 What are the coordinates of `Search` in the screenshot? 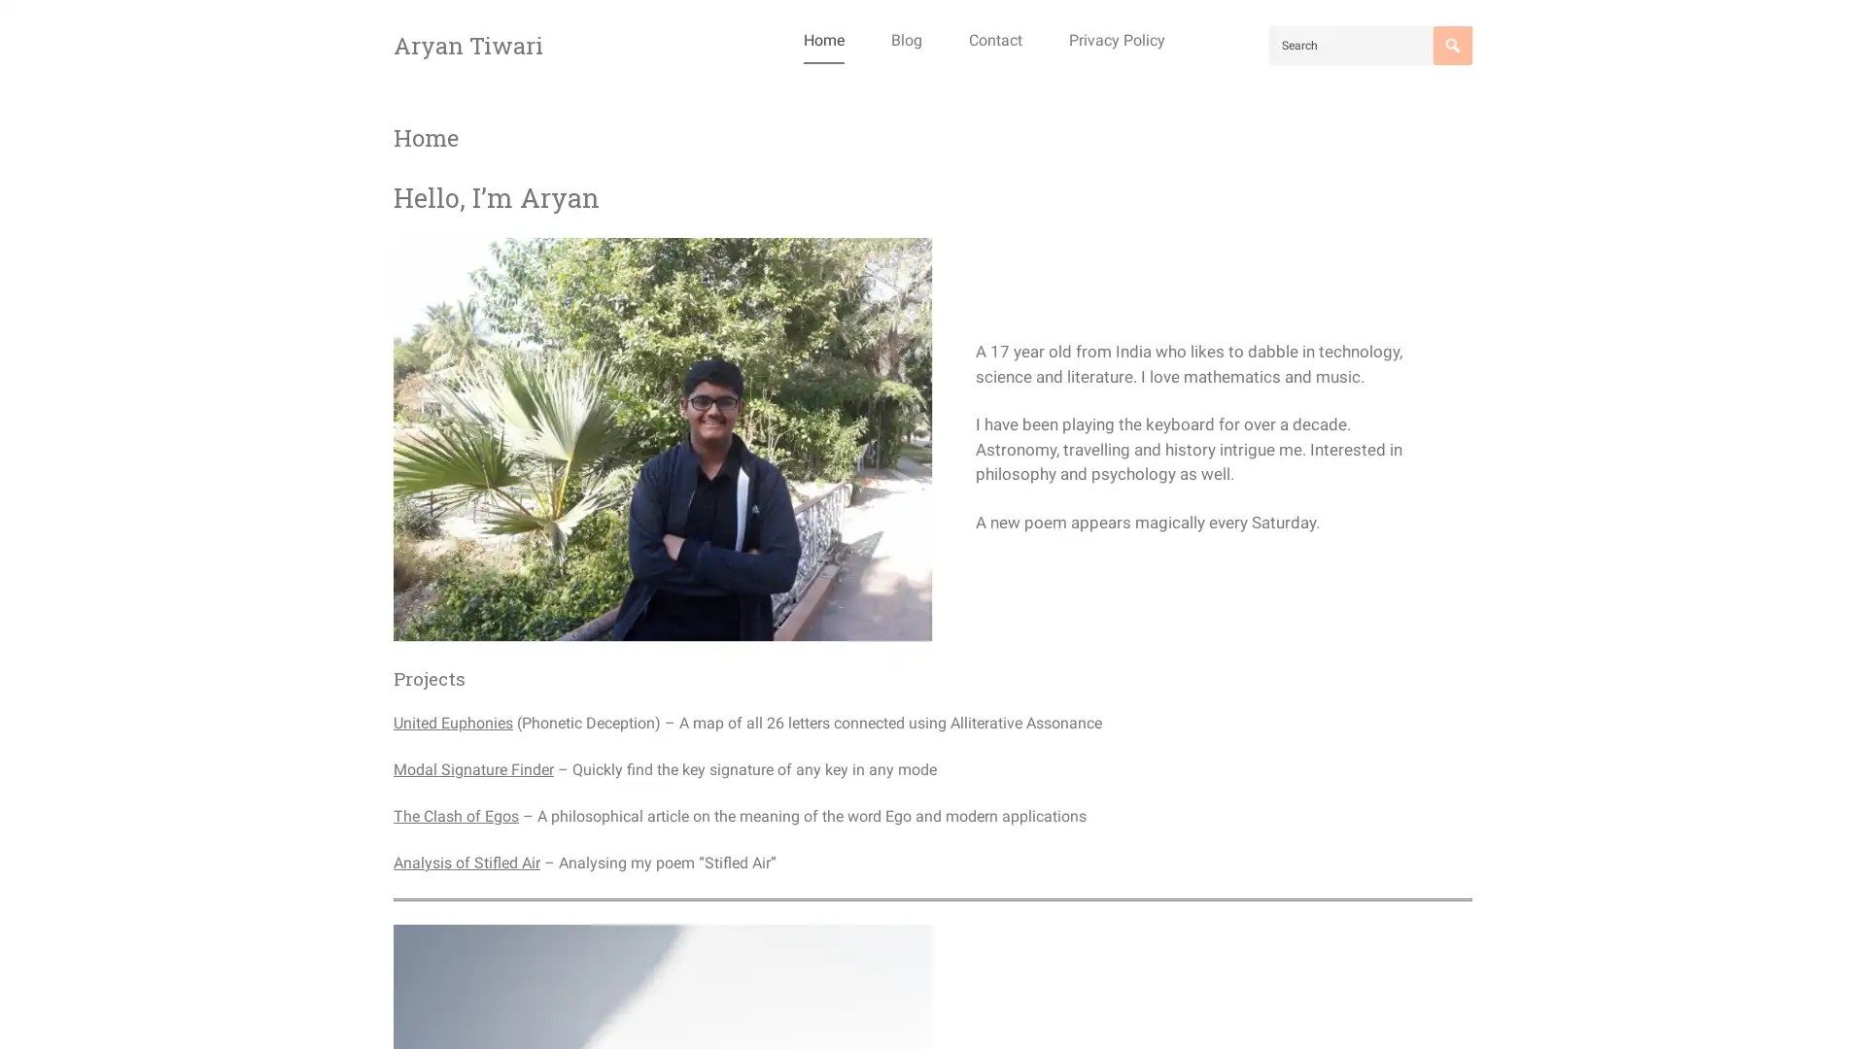 It's located at (1452, 44).